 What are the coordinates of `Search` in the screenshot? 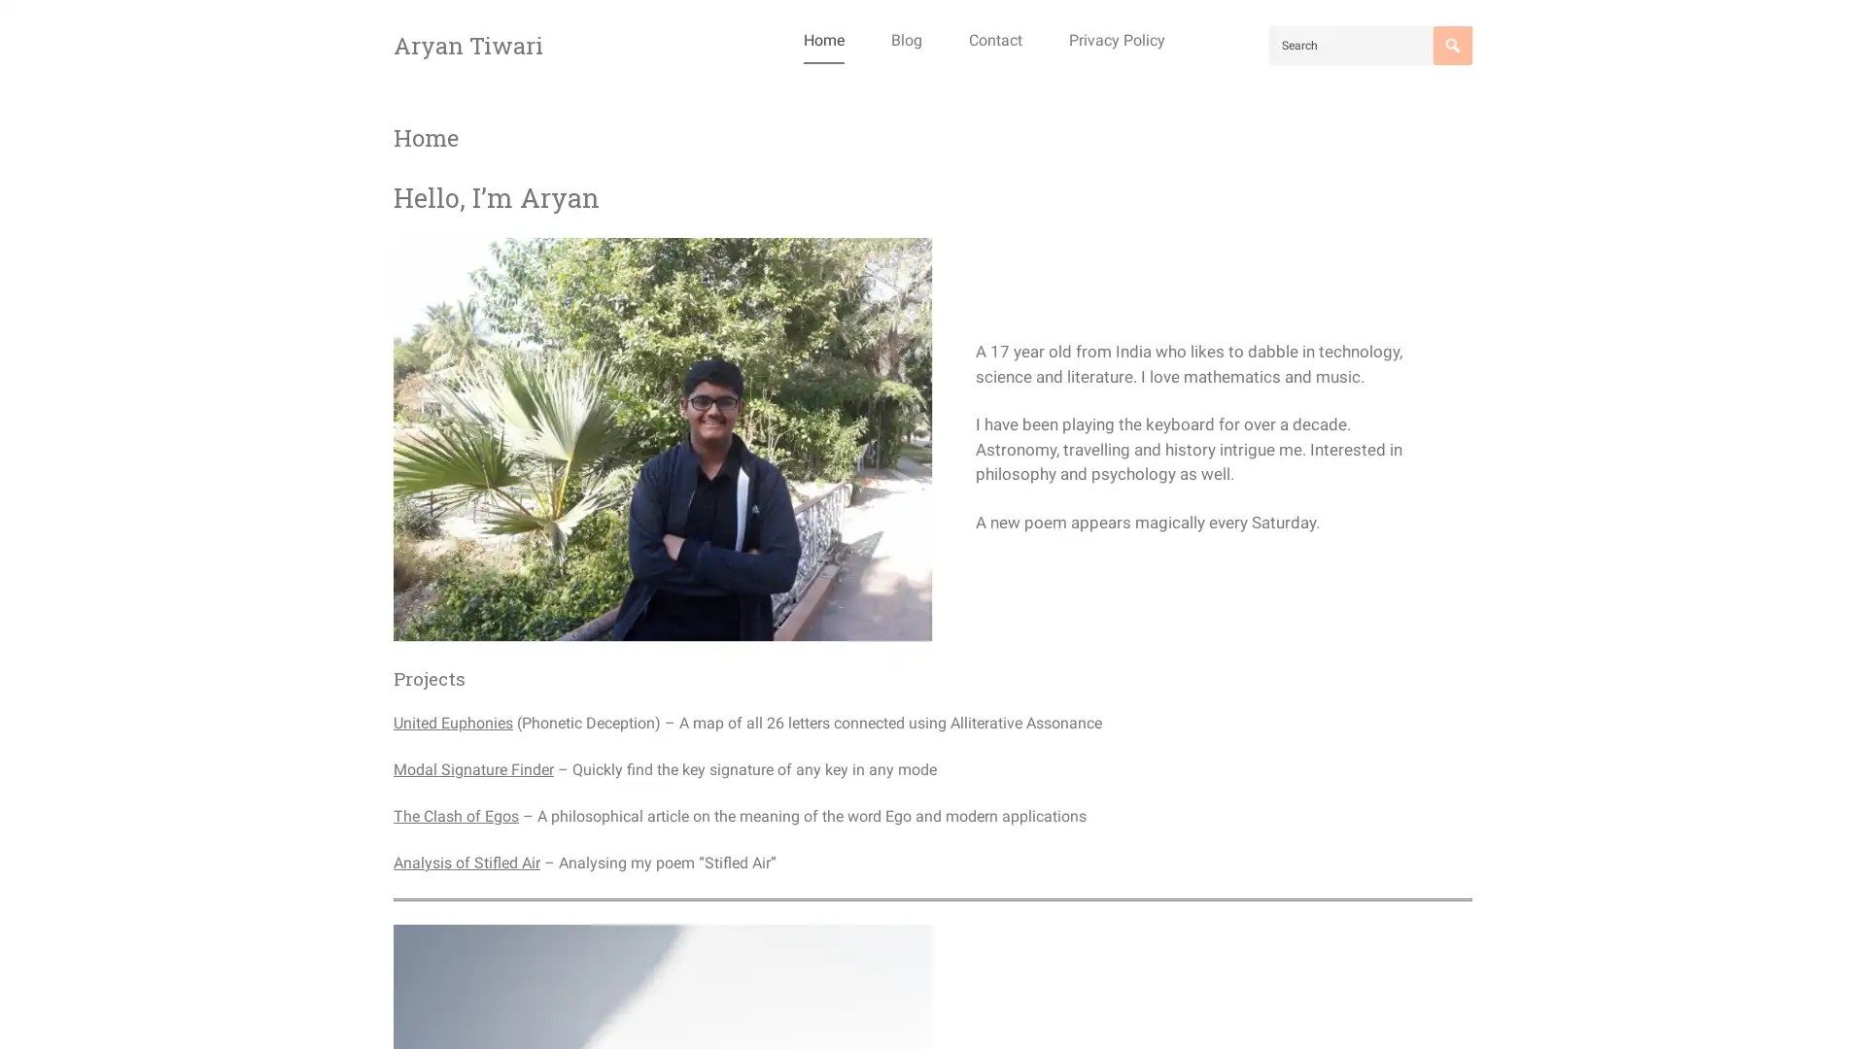 It's located at (1452, 44).